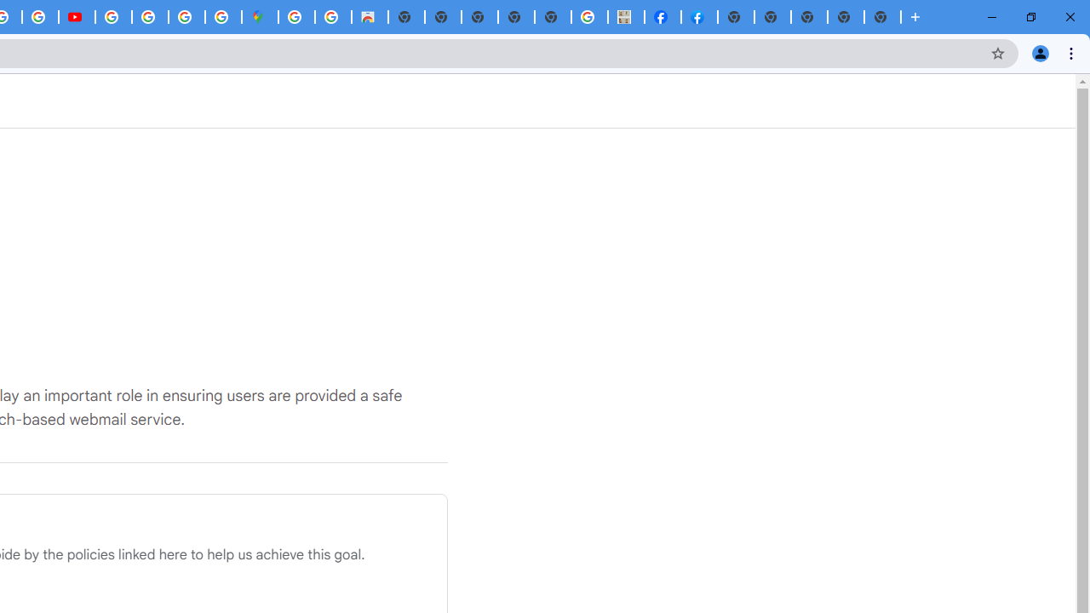 The width and height of the screenshot is (1090, 613). Describe the element at coordinates (259, 17) in the screenshot. I see `'Google Maps'` at that location.